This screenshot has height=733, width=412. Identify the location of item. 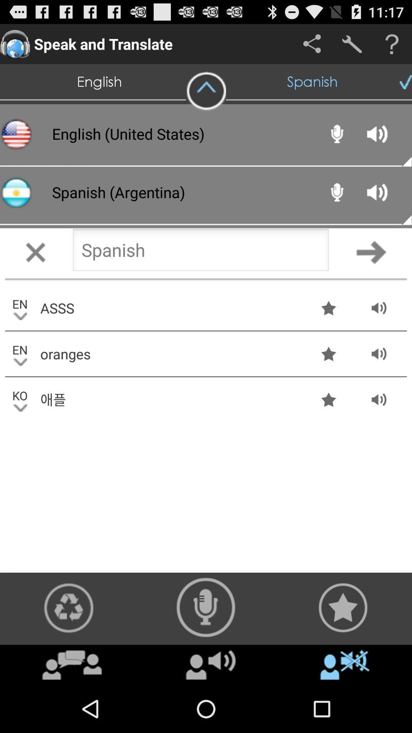
(211, 664).